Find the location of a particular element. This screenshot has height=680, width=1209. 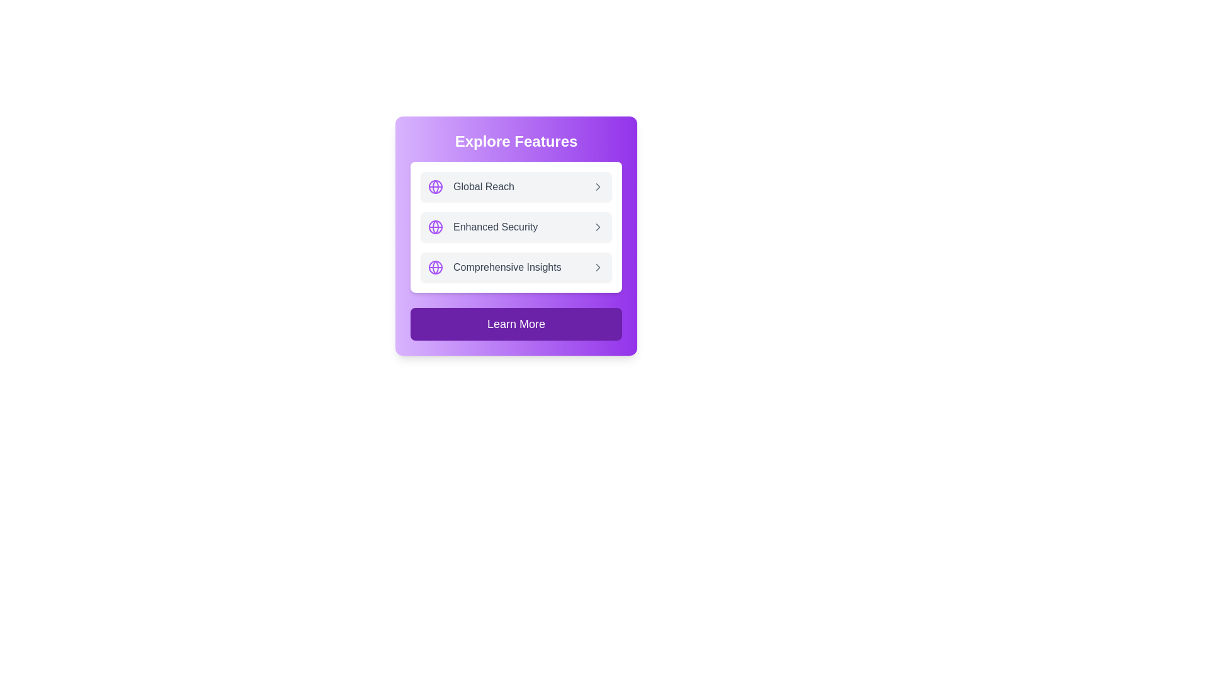

the SVG circle with a solid purple outline, which is part of the 'Enhanced Security' feature in the 'Explore Features' list is located at coordinates (435, 227).